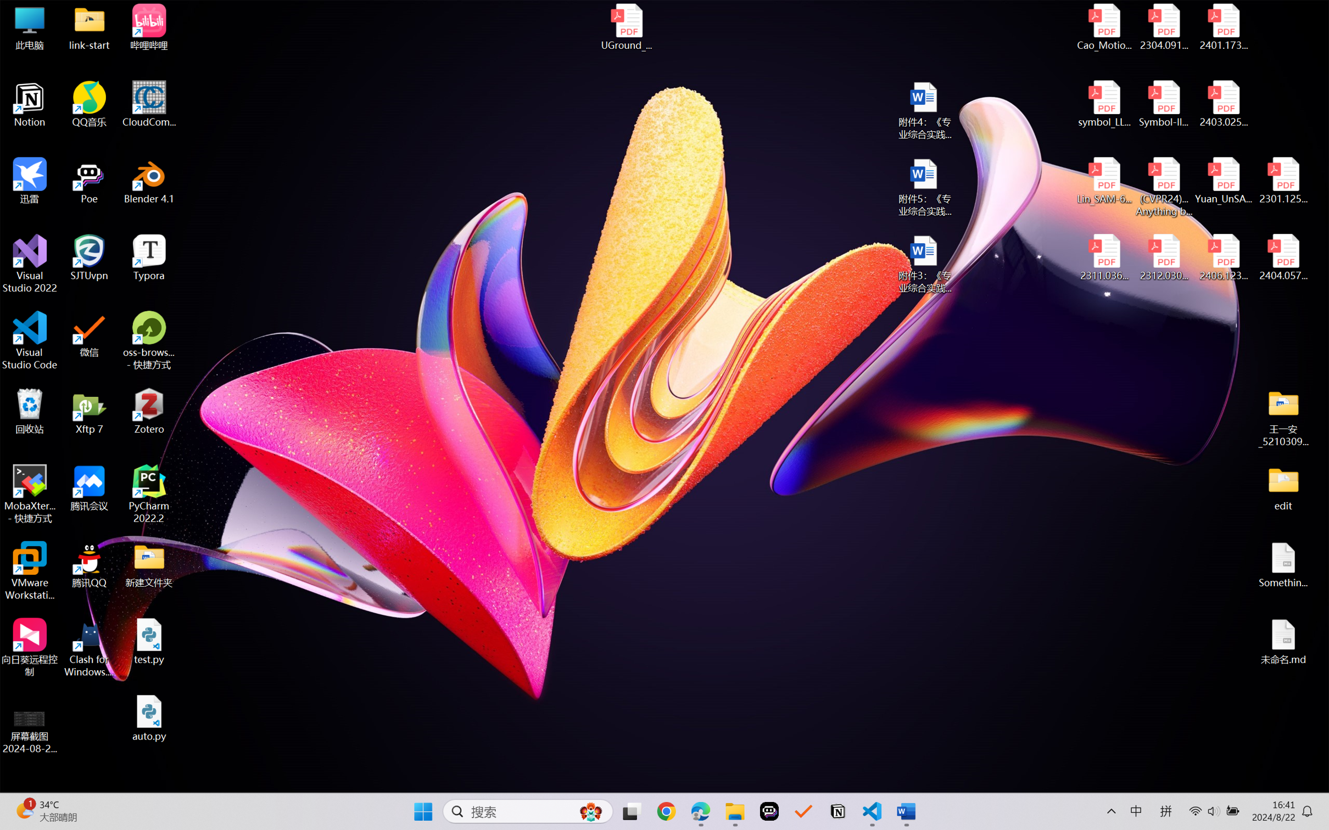  I want to click on '2304.09121v3.pdf', so click(1163, 27).